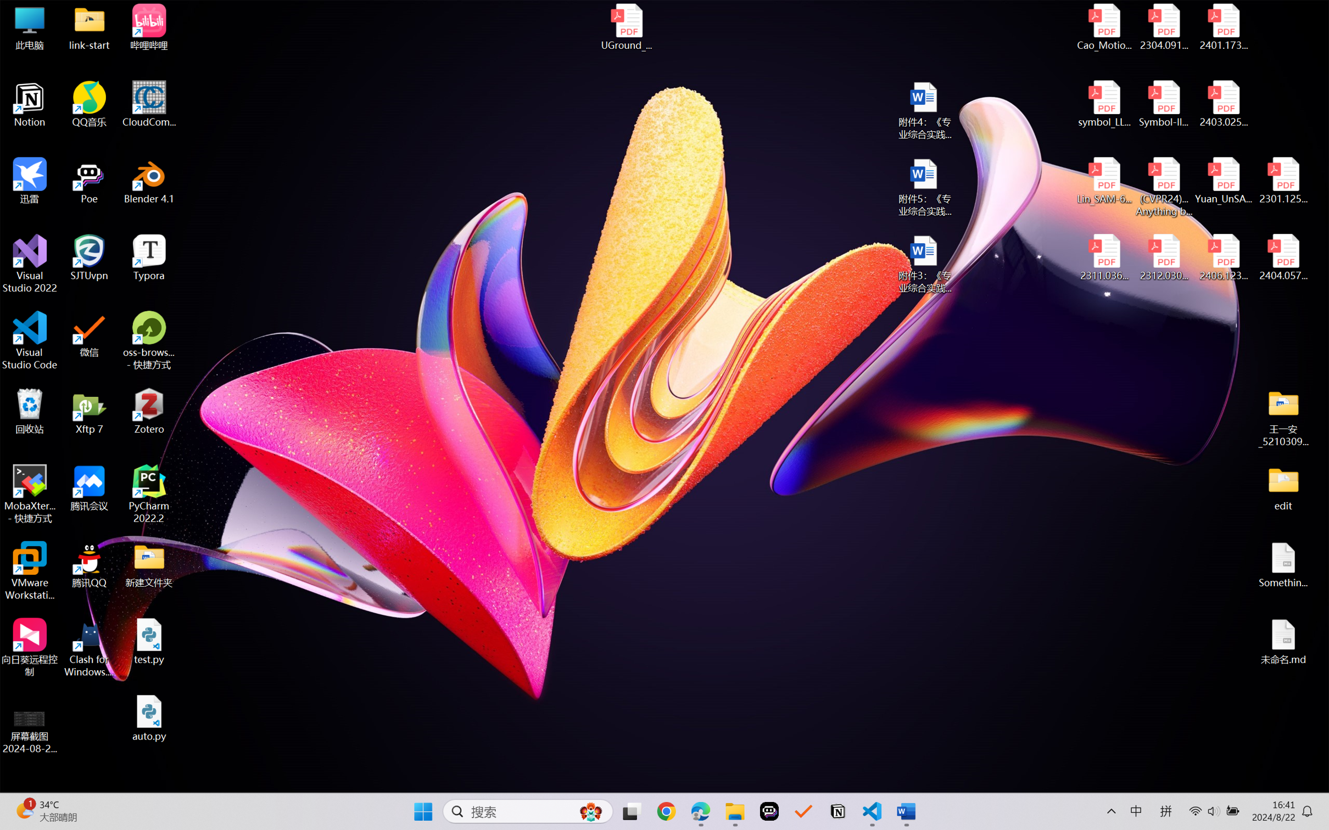  I want to click on '2304.09121v3.pdf', so click(1163, 27).